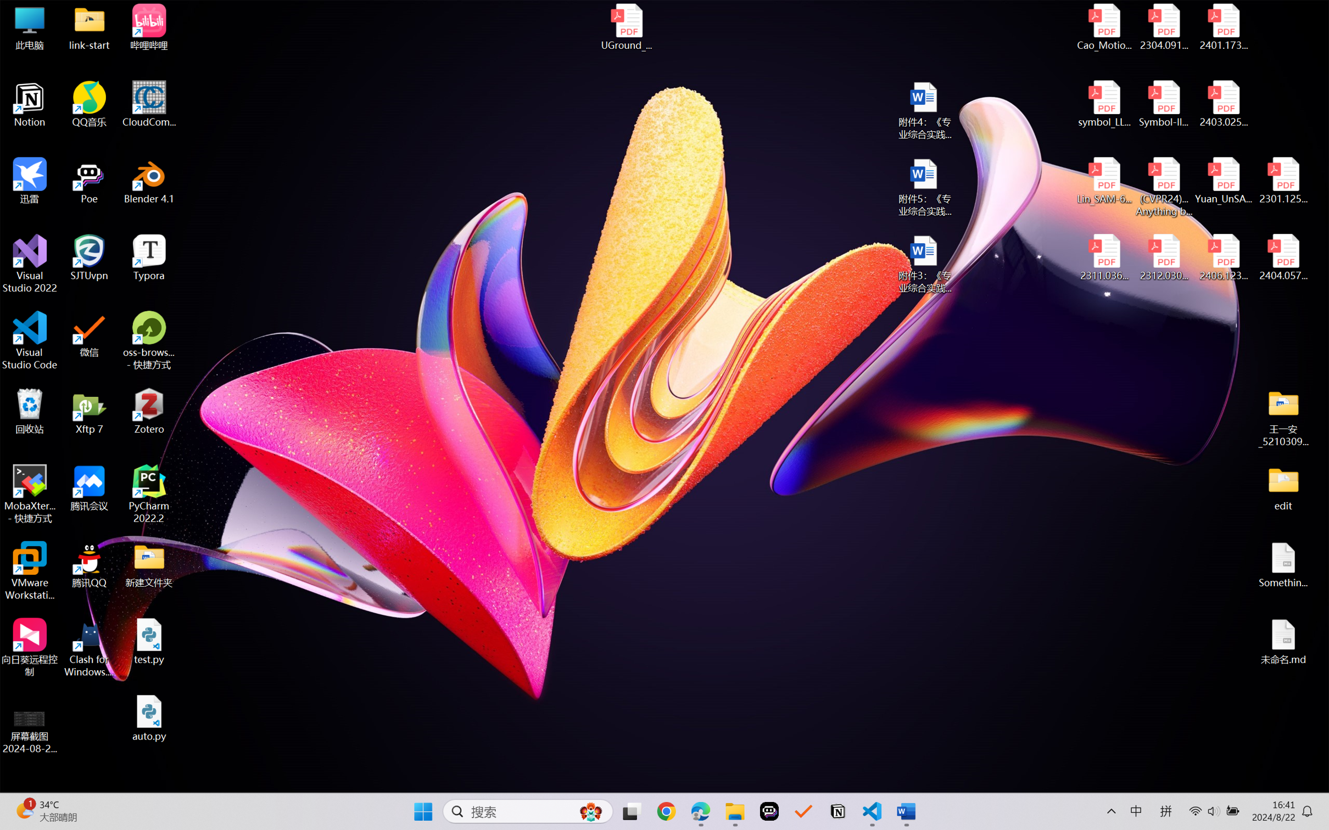  I want to click on '2304.09121v3.pdf', so click(1163, 27).